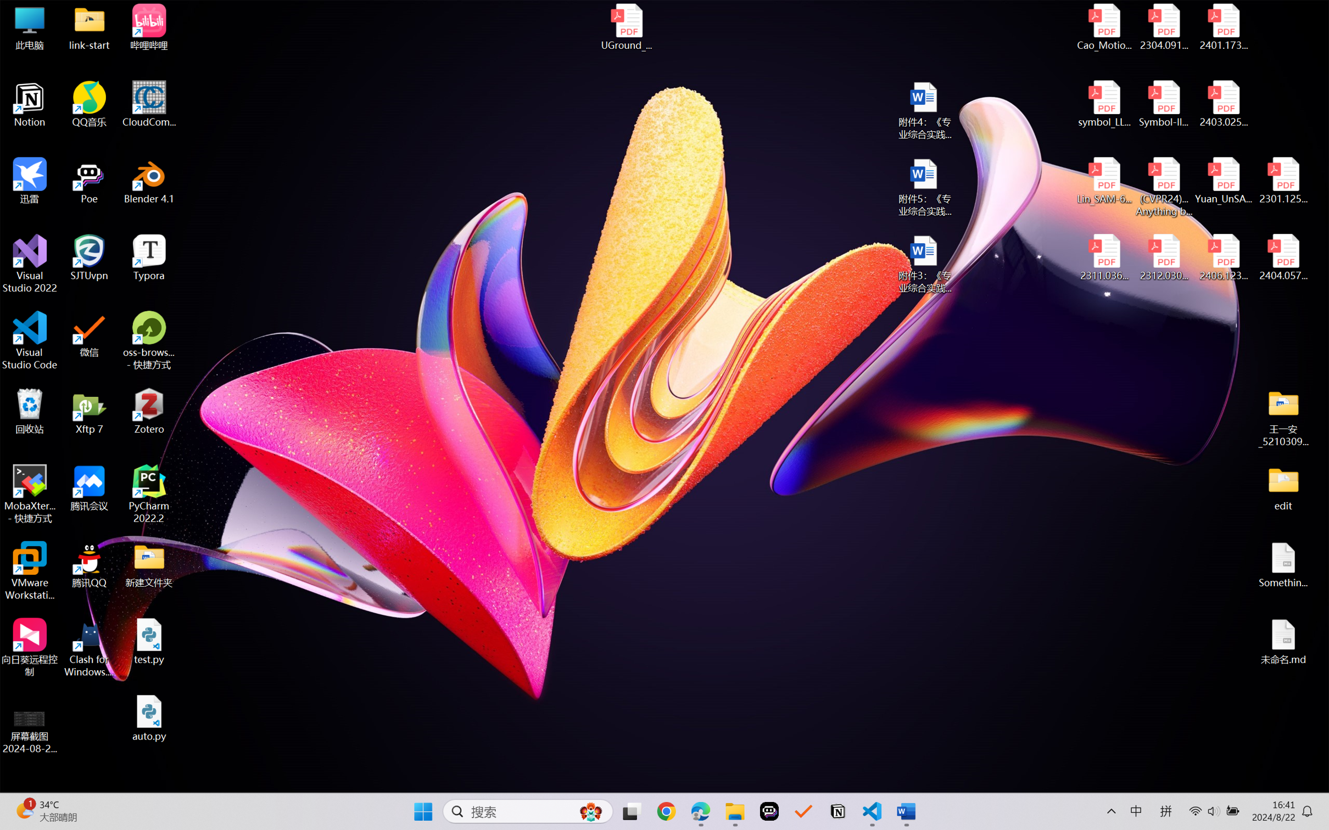  I want to click on '2304.09121v3.pdf', so click(1163, 27).